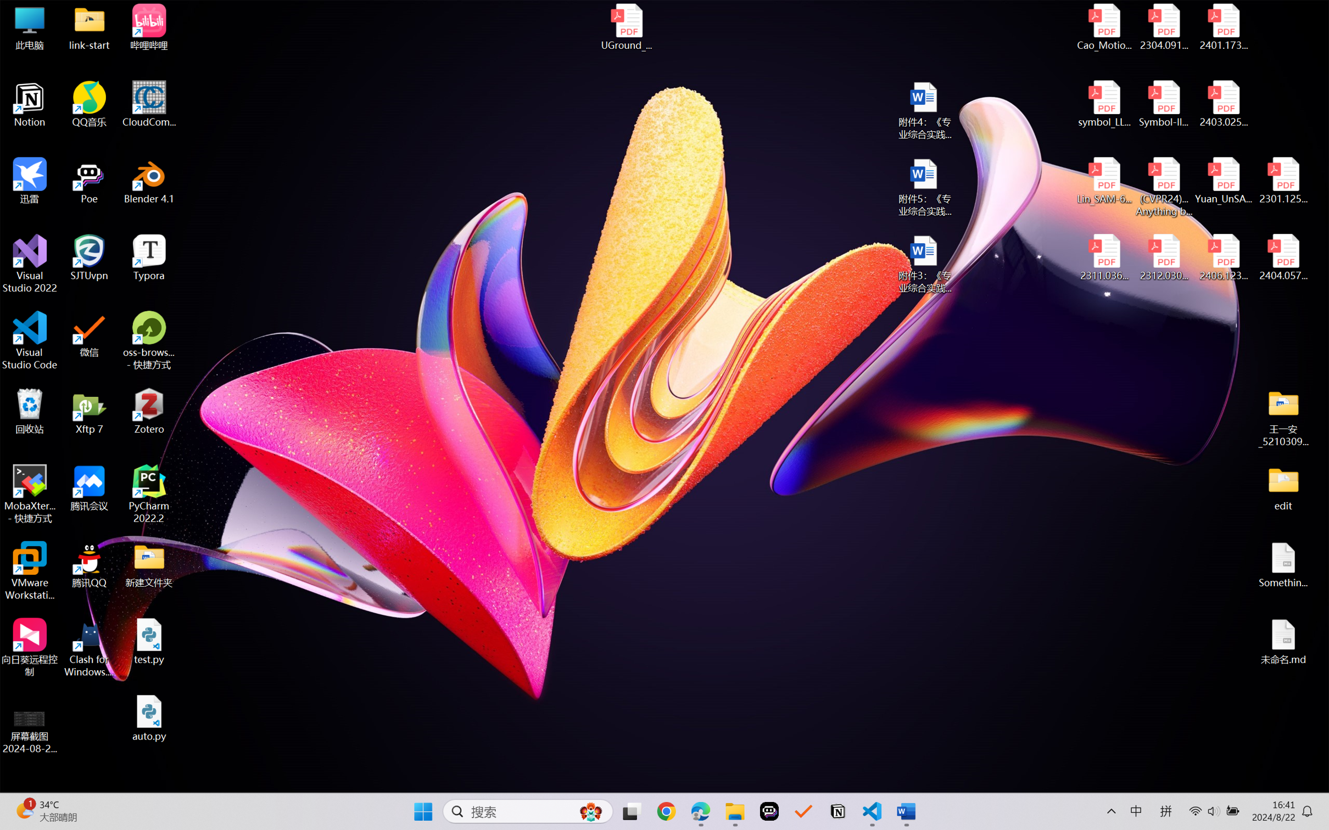  I want to click on '2304.09121v3.pdf', so click(1163, 27).